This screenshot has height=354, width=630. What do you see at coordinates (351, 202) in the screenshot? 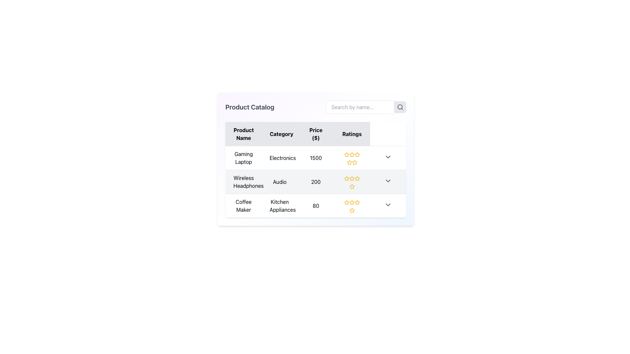
I see `the third star-shaped icon in the ratings section for 'Coffee Maker'` at bounding box center [351, 202].